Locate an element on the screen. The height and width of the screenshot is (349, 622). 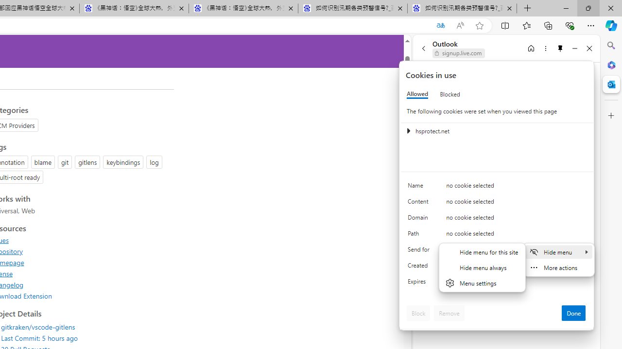
'Blocked' is located at coordinates (449, 94).